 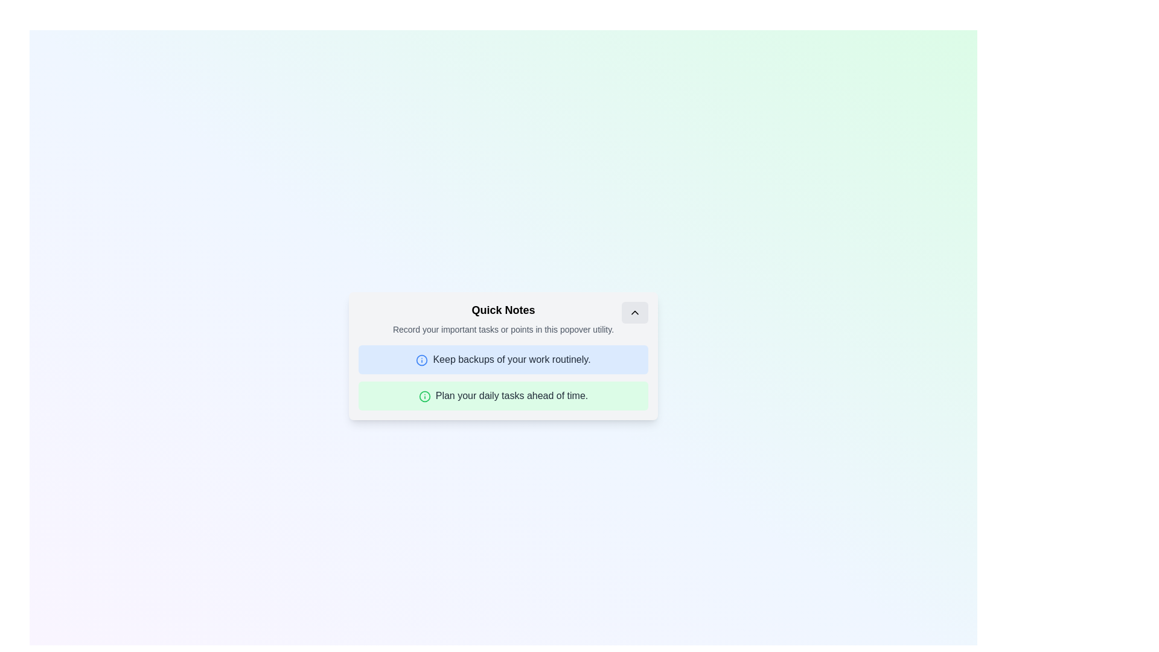 What do you see at coordinates (503, 356) in the screenshot?
I see `the informational item containing the text 'Keep backups of your work routinely.' and the blue circular information icon, which is the first item in the 'Quick Notes' popover` at bounding box center [503, 356].